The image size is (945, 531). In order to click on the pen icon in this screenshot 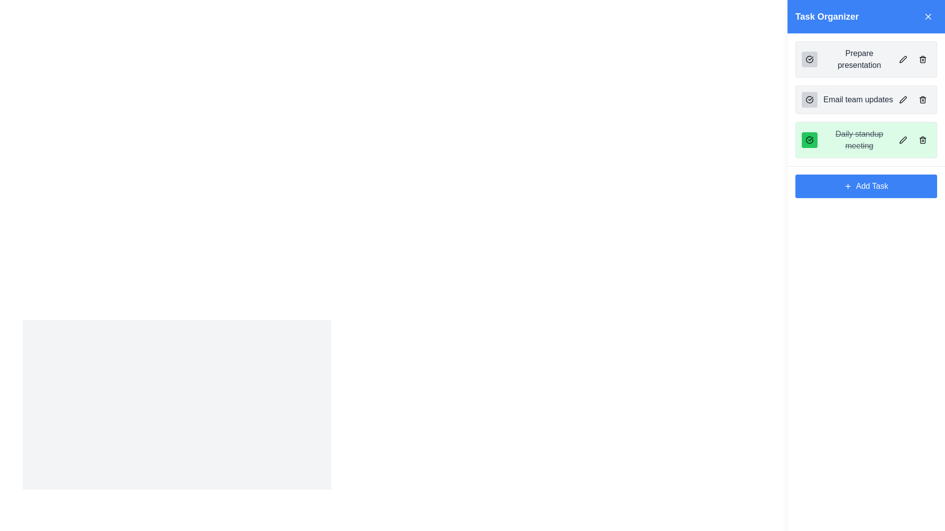, I will do `click(903, 140)`.